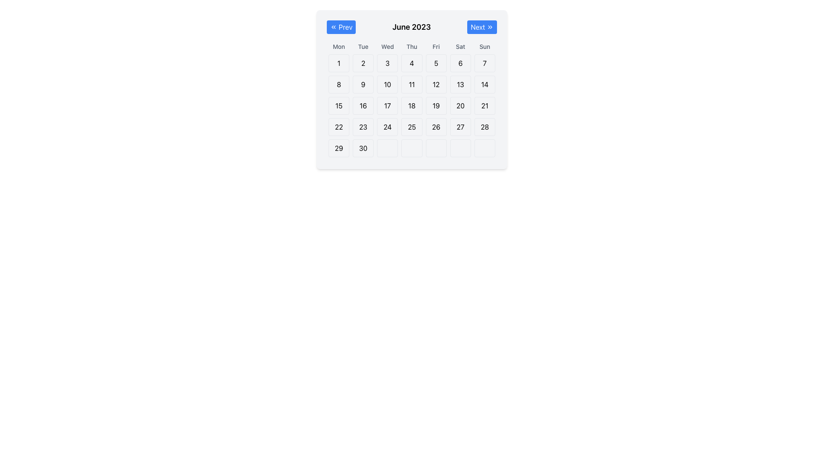  I want to click on a specific day in the June 2023 calendar, so click(412, 90).